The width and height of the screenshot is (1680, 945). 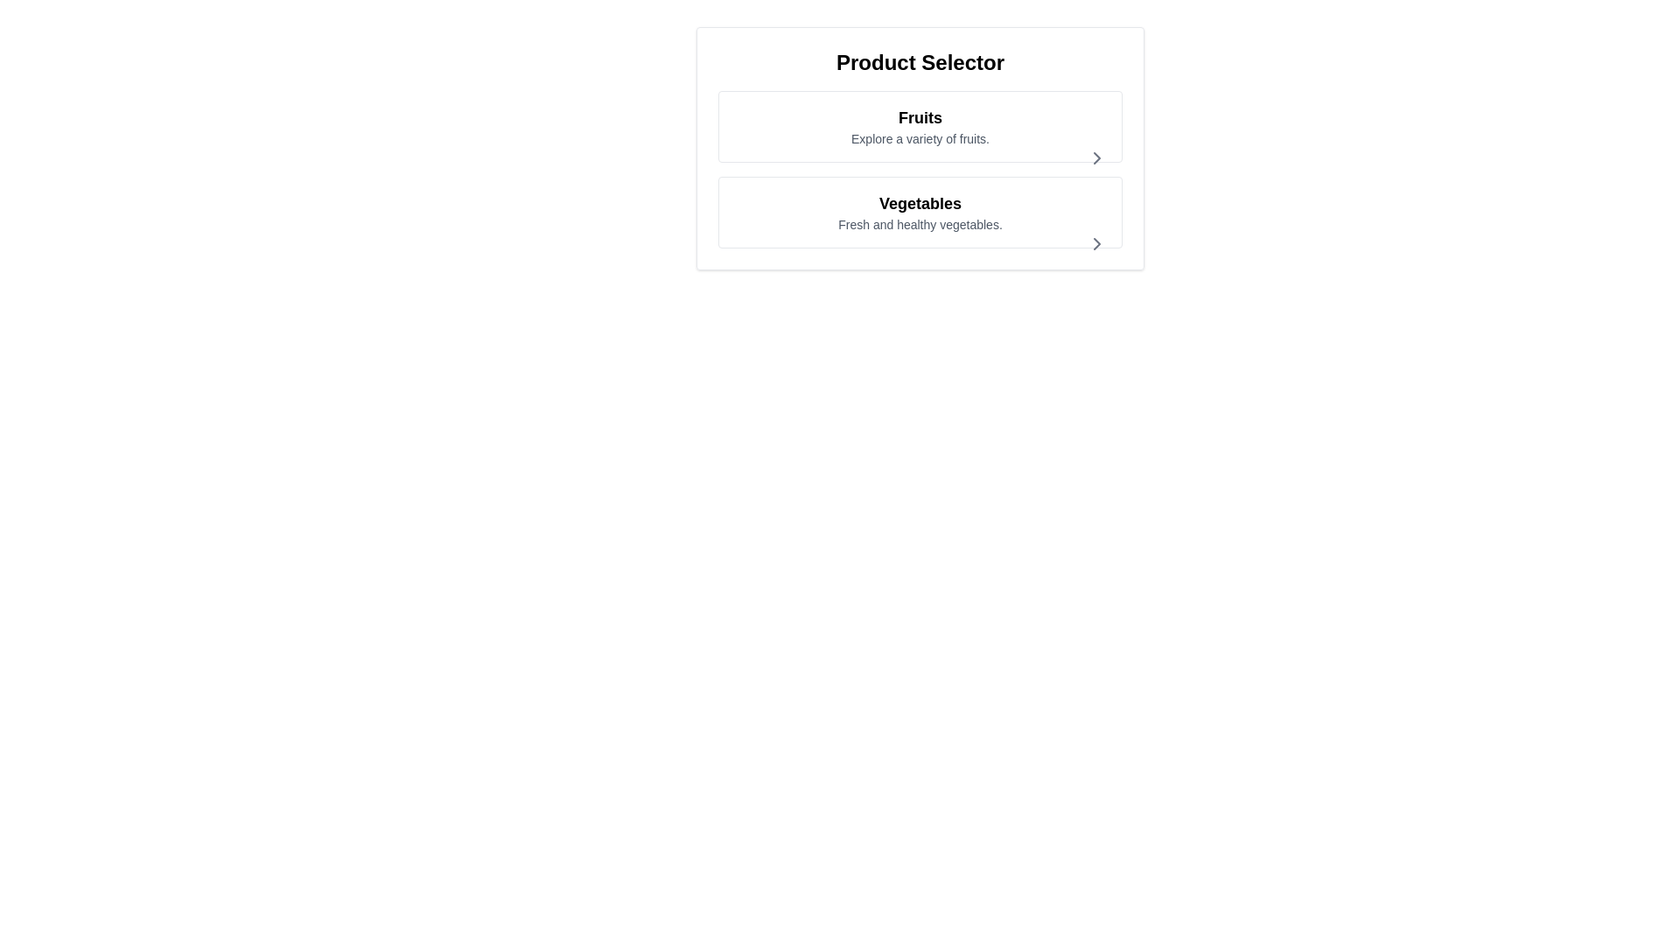 I want to click on the text element labeled 'Product Selector', which is styled in bold and centrally aligned at the top of a card-like UI component, so click(x=919, y=62).